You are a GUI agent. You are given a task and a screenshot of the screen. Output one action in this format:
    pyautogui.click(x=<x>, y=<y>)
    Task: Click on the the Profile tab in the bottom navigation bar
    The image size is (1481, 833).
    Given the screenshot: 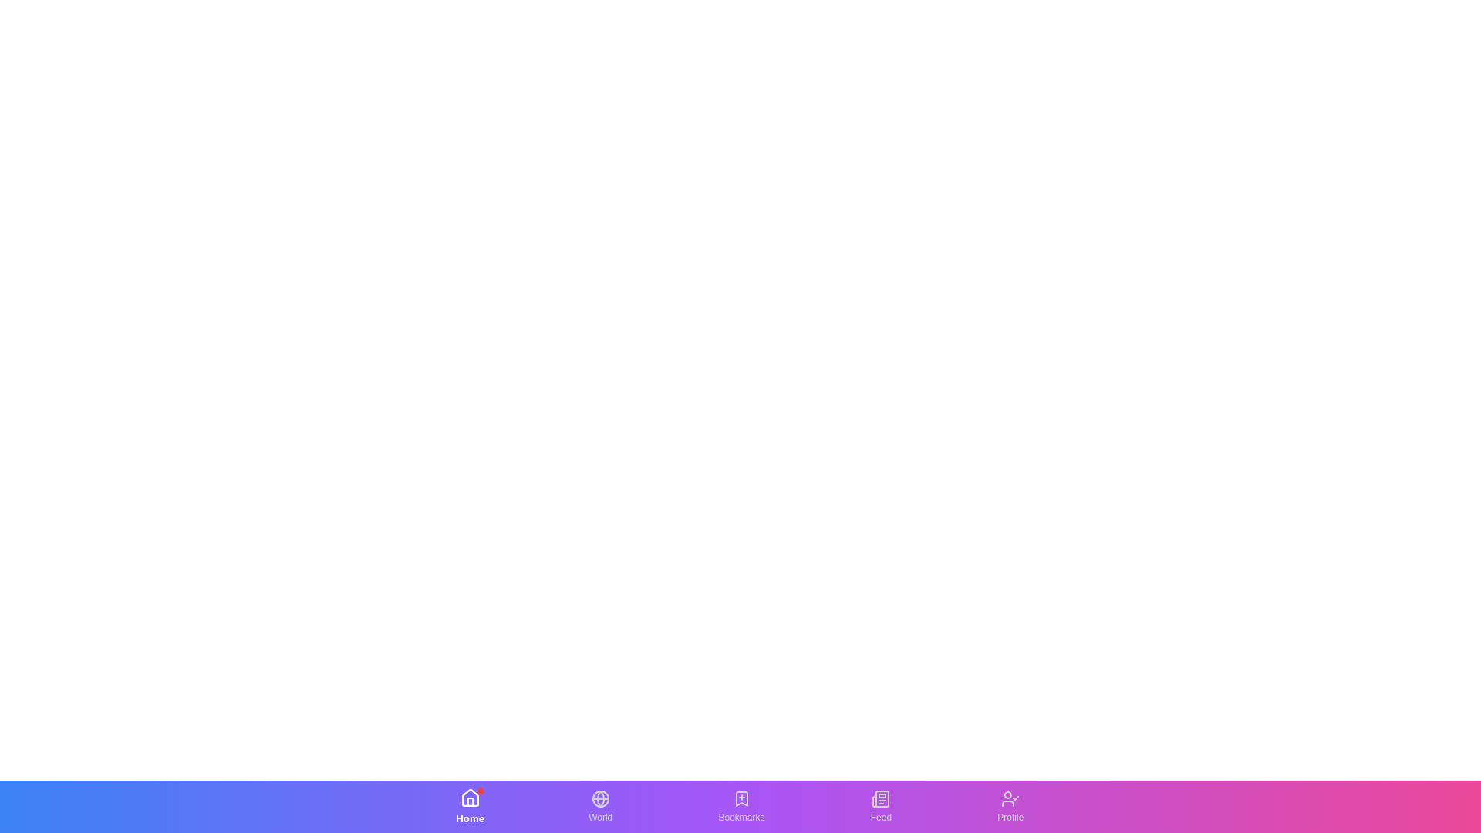 What is the action you would take?
    pyautogui.click(x=1010, y=805)
    